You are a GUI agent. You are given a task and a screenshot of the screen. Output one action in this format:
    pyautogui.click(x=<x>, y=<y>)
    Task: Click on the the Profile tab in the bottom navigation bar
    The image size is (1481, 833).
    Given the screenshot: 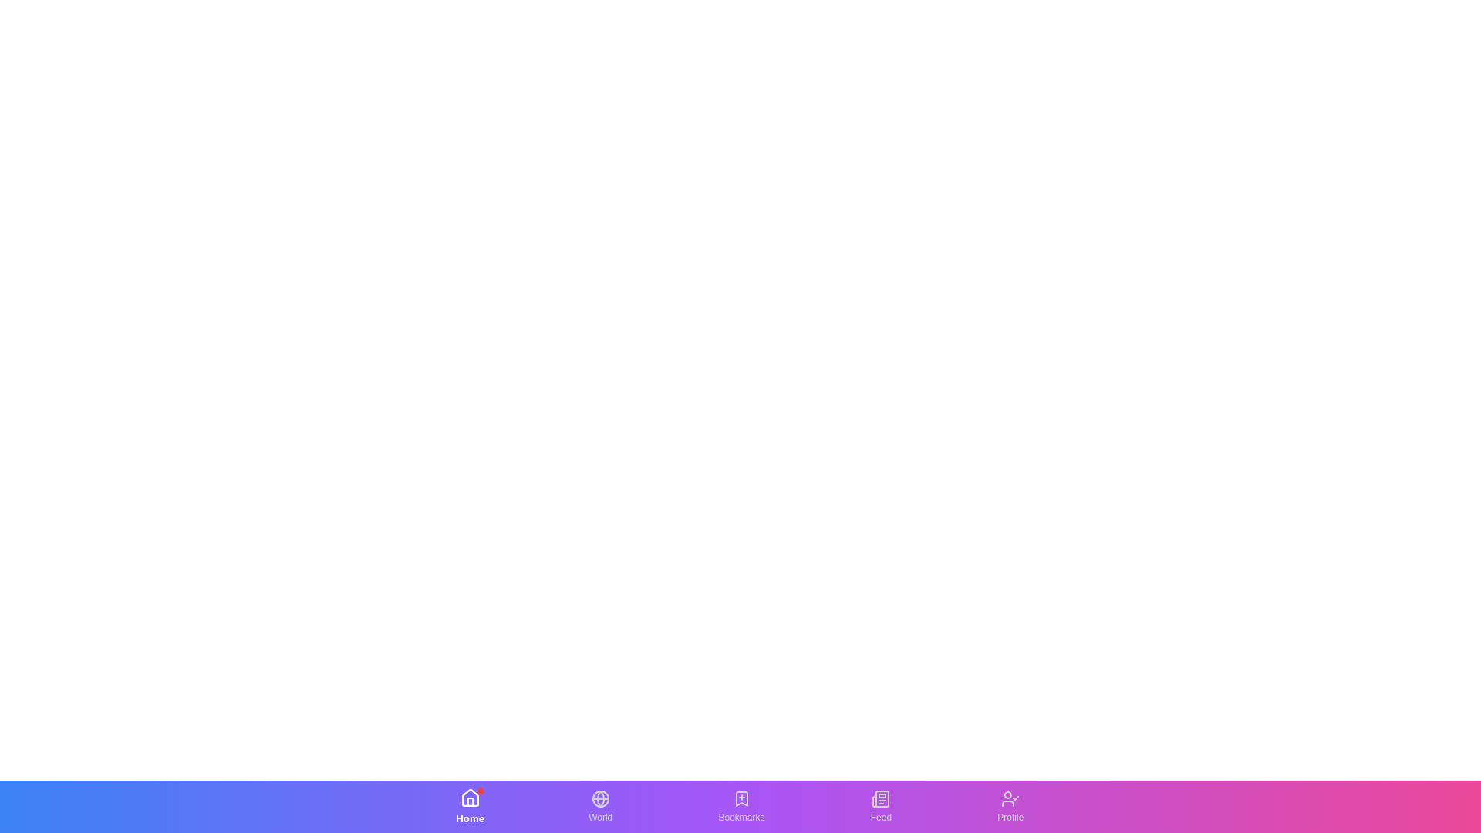 What is the action you would take?
    pyautogui.click(x=1010, y=805)
    